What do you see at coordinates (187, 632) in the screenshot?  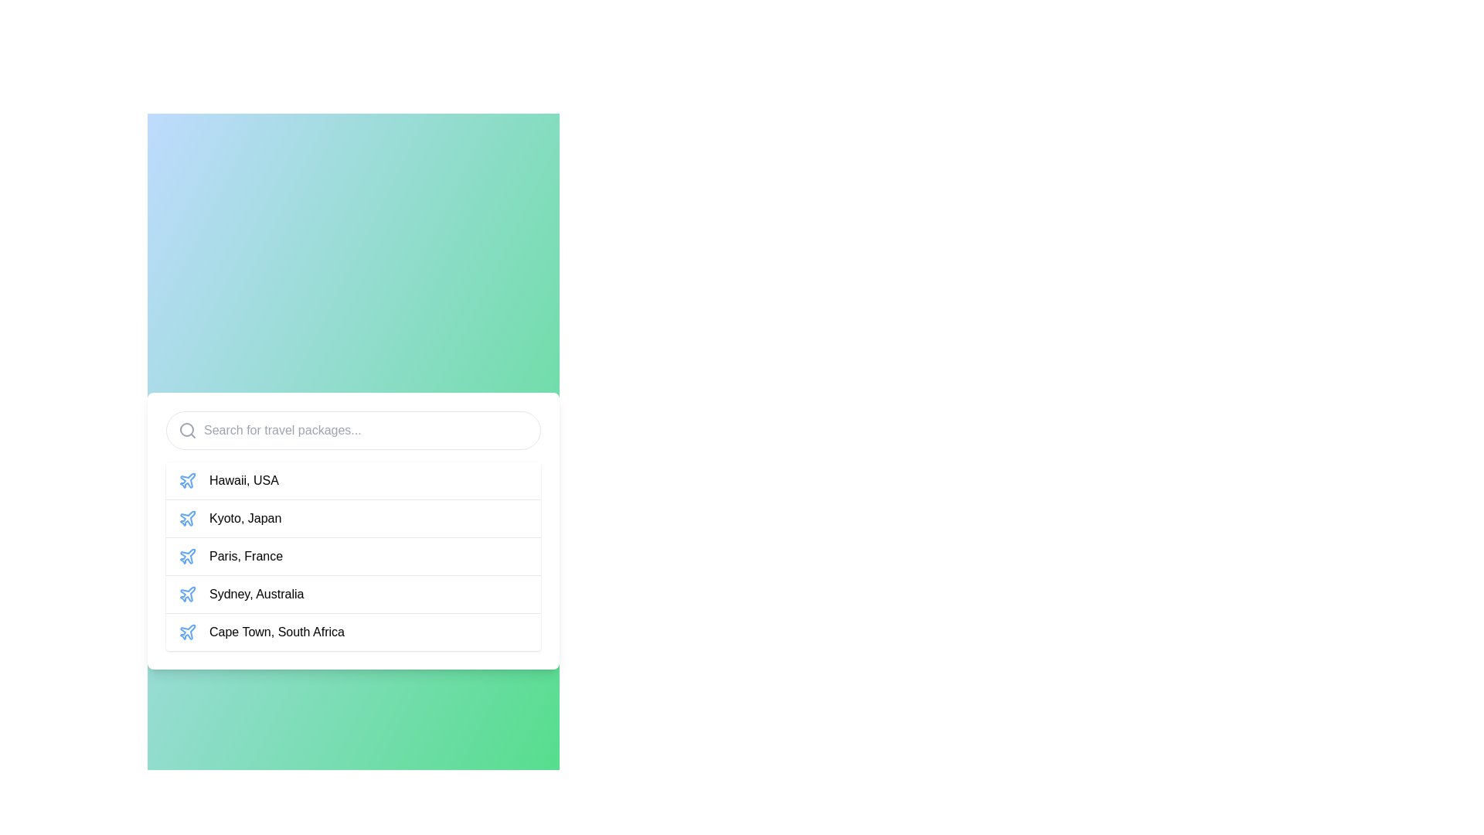 I see `the airplane icon located at the leftmost side of the row labeled 'Cape Town, South Africa' to highlight its row` at bounding box center [187, 632].